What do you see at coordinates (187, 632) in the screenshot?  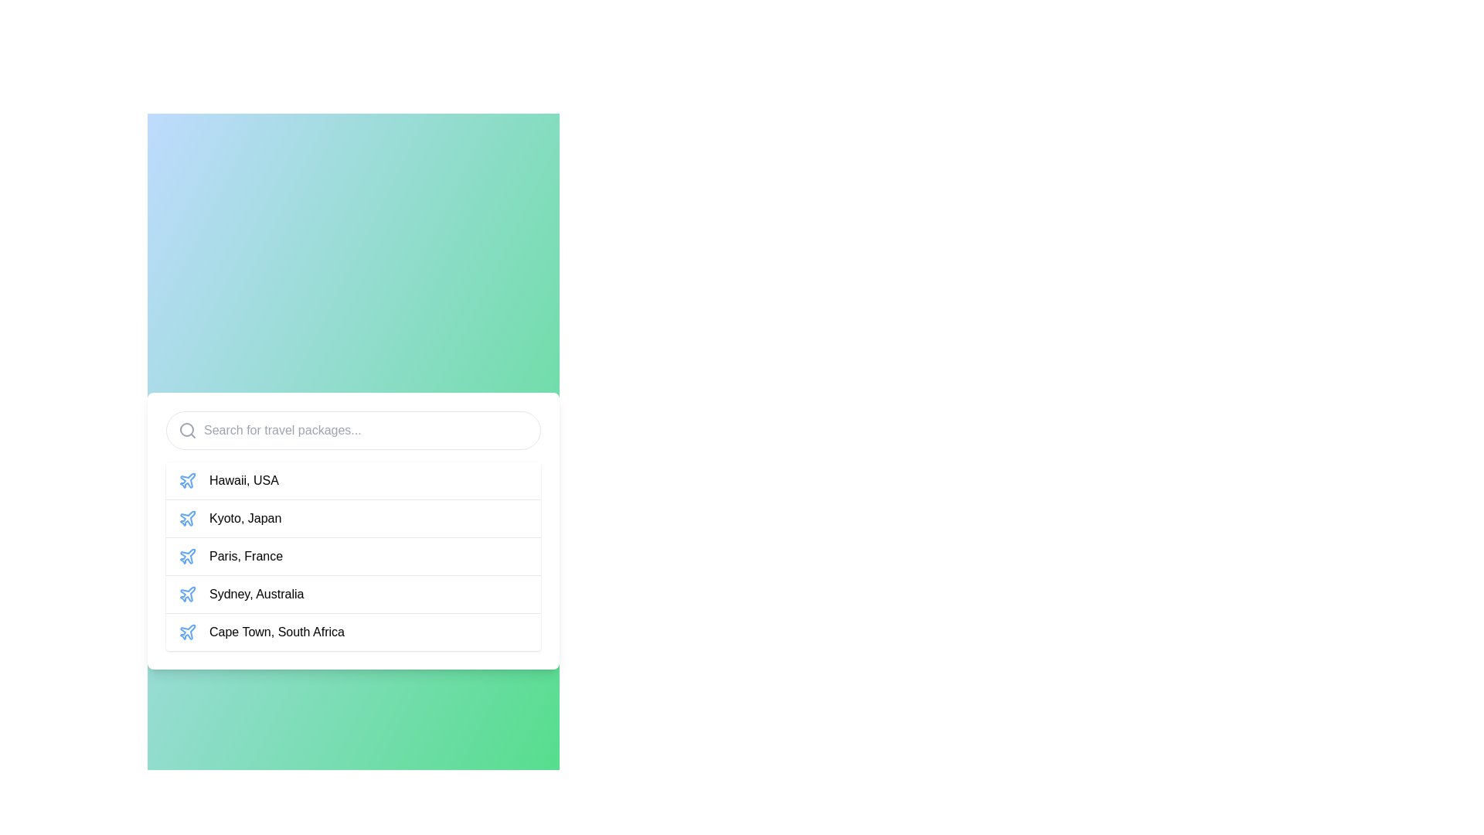 I see `the airplane icon located at the leftmost side of the row labeled 'Cape Town, South Africa' to highlight its row` at bounding box center [187, 632].